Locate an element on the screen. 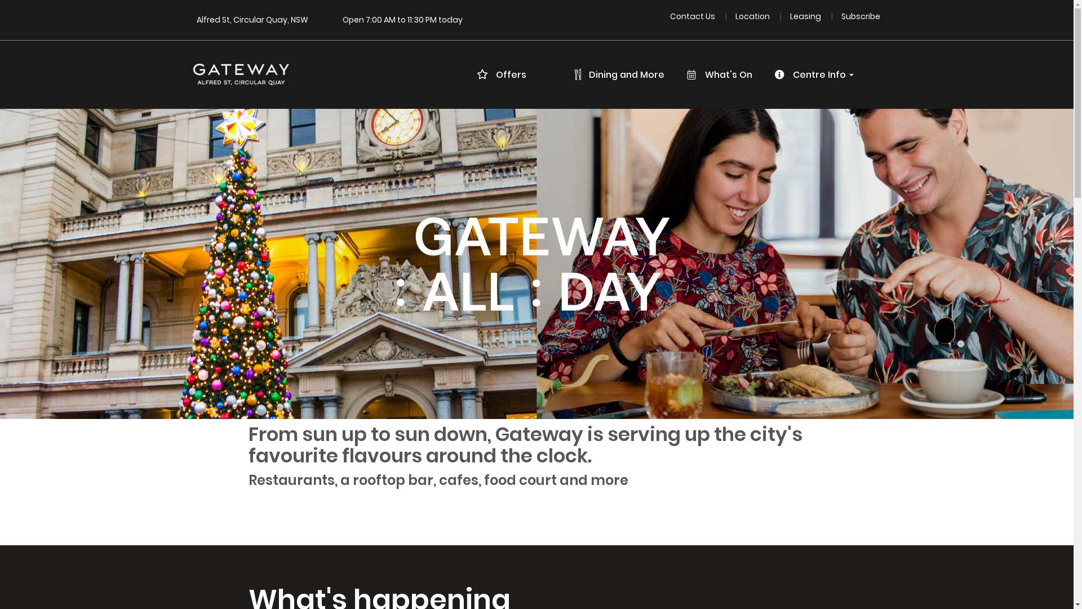 The image size is (1082, 609). 'Contact Us' is located at coordinates (670, 16).